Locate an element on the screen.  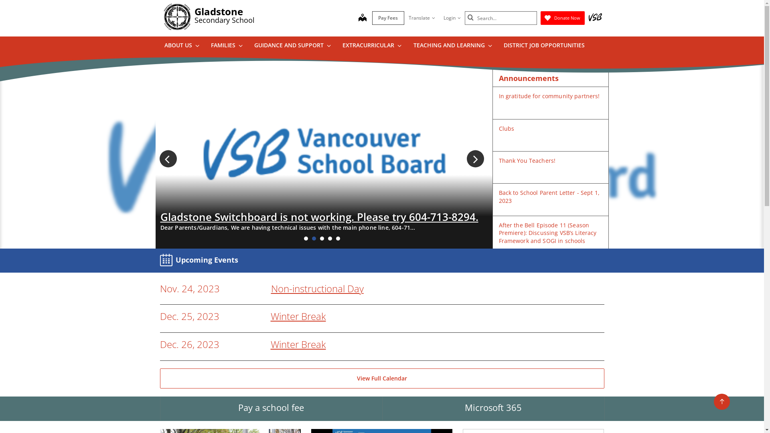
'FAMILIES' is located at coordinates (226, 47).